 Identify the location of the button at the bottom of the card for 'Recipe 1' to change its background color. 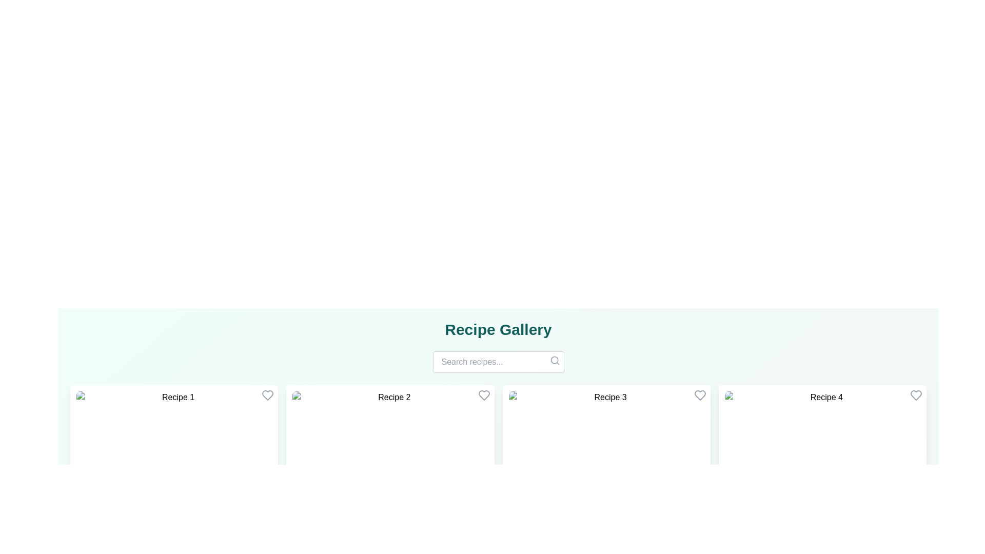
(174, 528).